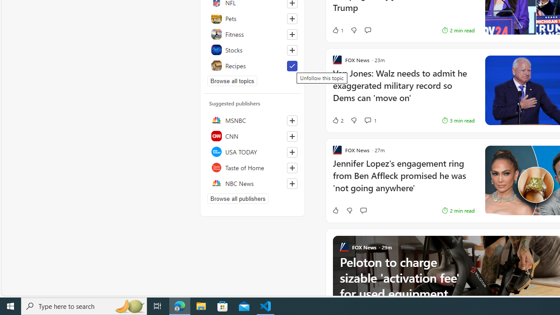 The image size is (560, 315). Describe the element at coordinates (335, 210) in the screenshot. I see `'Like'` at that location.